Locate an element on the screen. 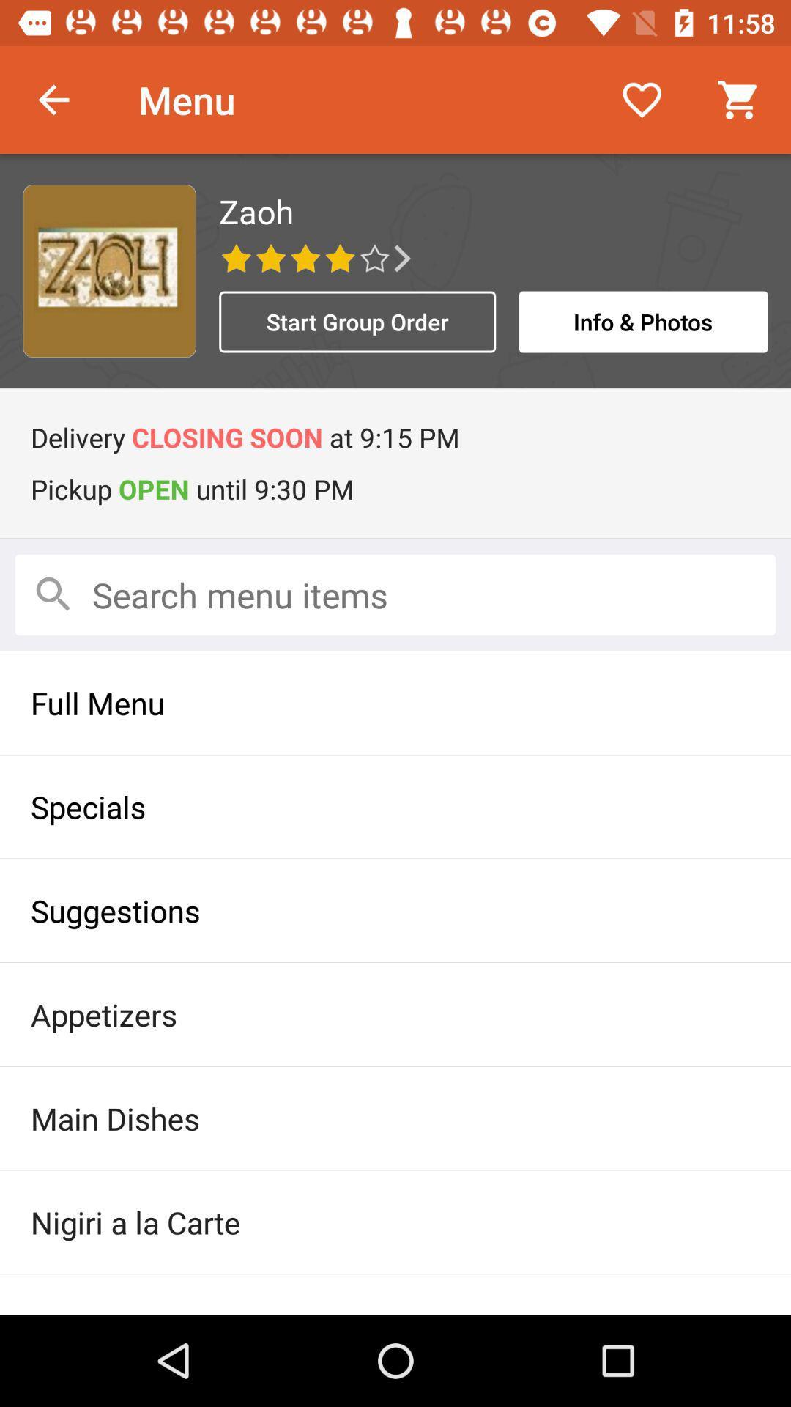 The image size is (791, 1407). item above suggestions icon is located at coordinates (395, 805).